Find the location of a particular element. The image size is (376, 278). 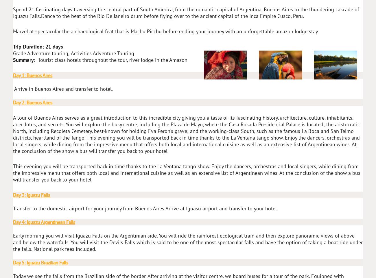

'A tour of Buenos Aires serves as a great introduction to this incredible city giving you a taste of its fascinating history, architecture, culture, inhabitants, anecdotes, and secrets. You will explore the busy centre, including the Plaza de Mayo, where the Casa Rosada Presidential Palace is located; the aristocratic North, including Recoleta Cemetery, best-known for holding Eva Peron’s grave; and the working-class South, such as the famous La Boca and San Telmo districts, heartland of the Tango. This evening you will be transported back in time thanks to the La Ventana tango show. Enjoy the dancers, orchestras and local singers, while dining from the impressive menu that offers both local and international cuisine as well as an extensive list of Argentinean wines. At the conclusion of the show a bus will transfer you back to your hotel.' is located at coordinates (12, 134).